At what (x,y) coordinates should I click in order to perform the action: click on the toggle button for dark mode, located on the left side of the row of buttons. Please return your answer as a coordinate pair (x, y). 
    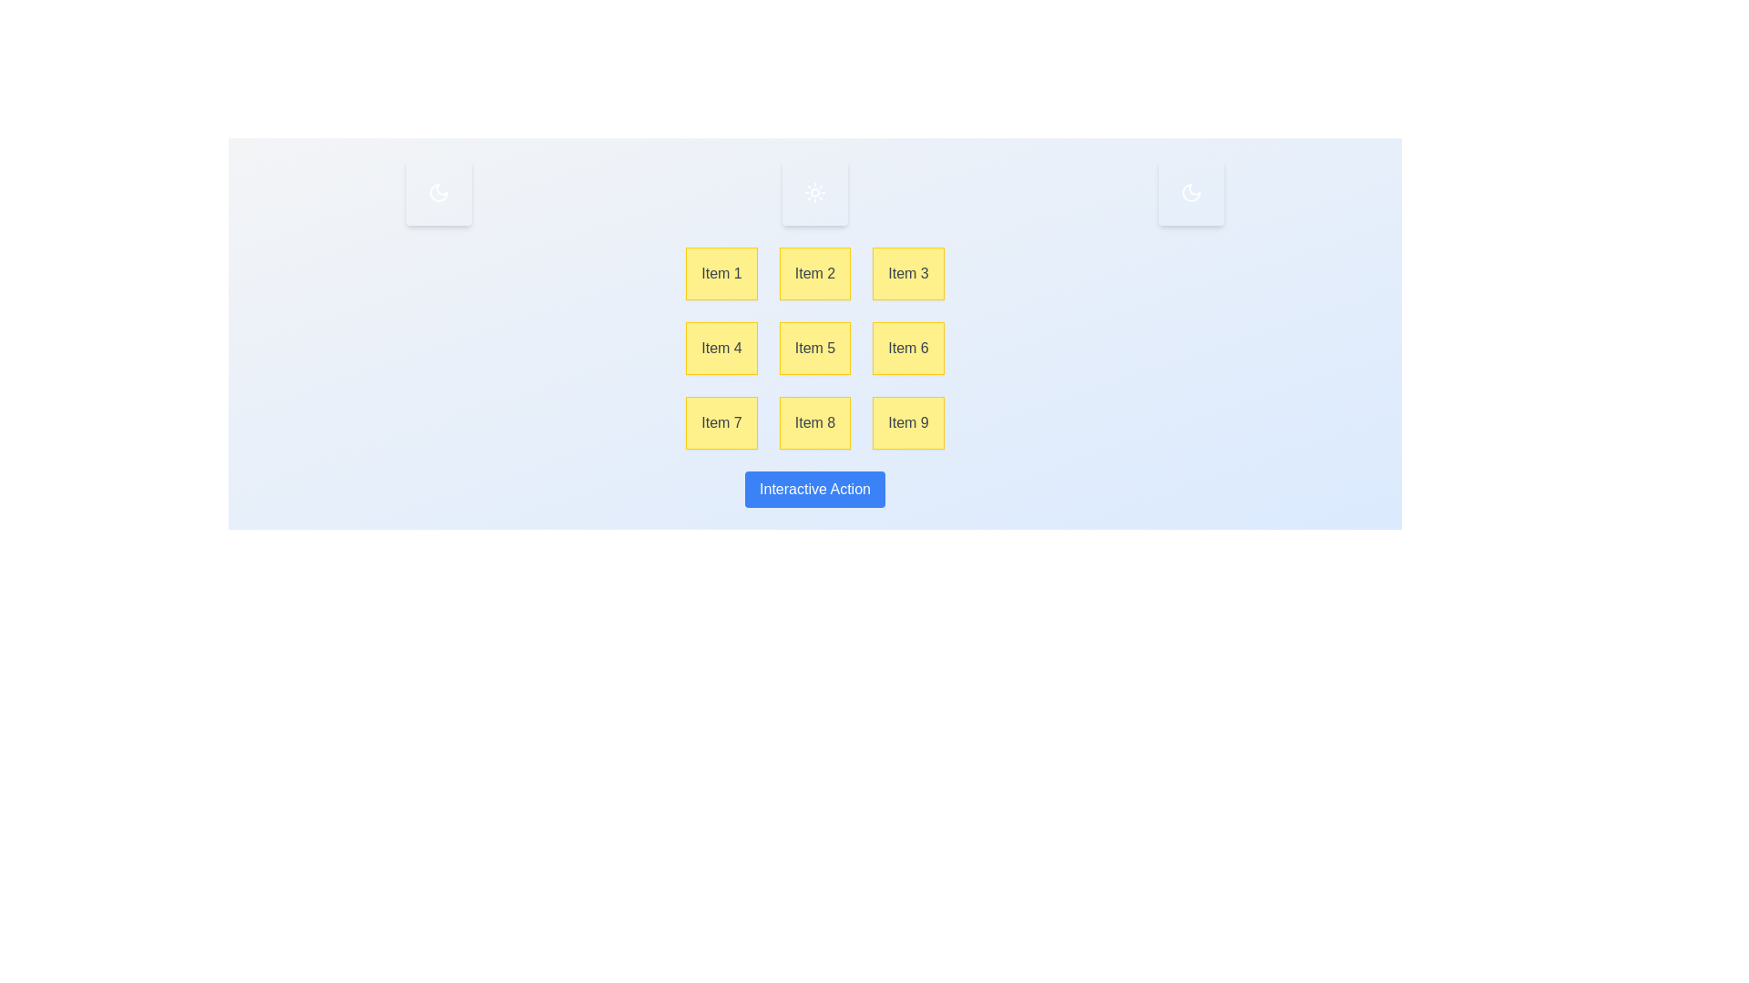
    Looking at the image, I should click on (438, 193).